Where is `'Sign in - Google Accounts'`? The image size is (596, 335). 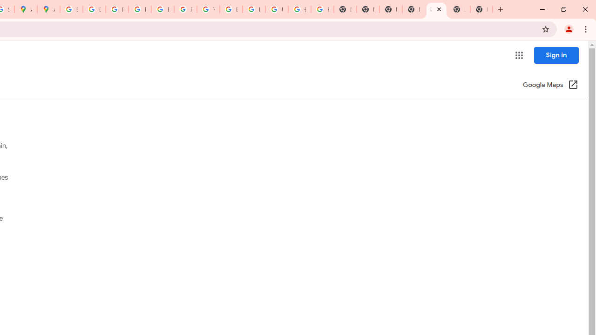 'Sign in - Google Accounts' is located at coordinates (71, 9).